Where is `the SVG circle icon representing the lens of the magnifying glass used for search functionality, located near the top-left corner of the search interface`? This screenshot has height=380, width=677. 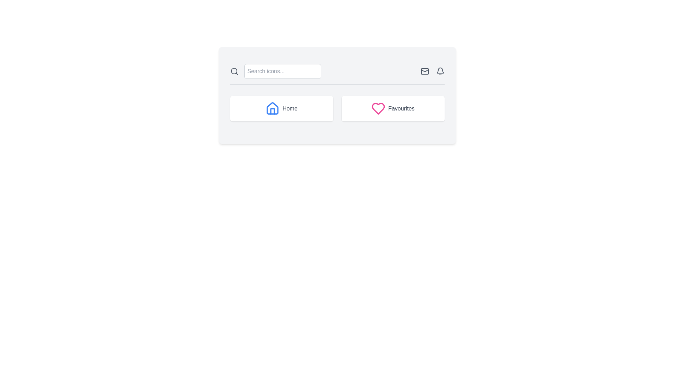
the SVG circle icon representing the lens of the magnifying glass used for search functionality, located near the top-left corner of the search interface is located at coordinates (234, 71).